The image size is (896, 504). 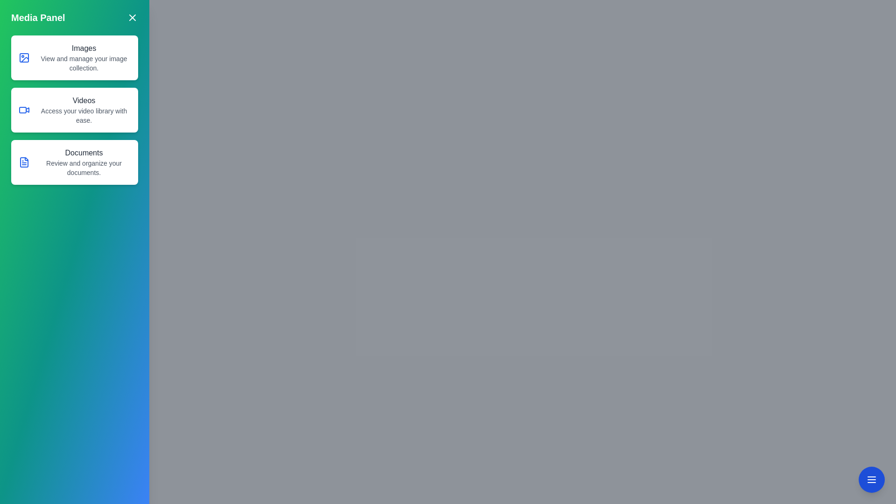 What do you see at coordinates (84, 115) in the screenshot?
I see `descriptive text label located in the 'Videos' section, which informs users about accessing their video library` at bounding box center [84, 115].